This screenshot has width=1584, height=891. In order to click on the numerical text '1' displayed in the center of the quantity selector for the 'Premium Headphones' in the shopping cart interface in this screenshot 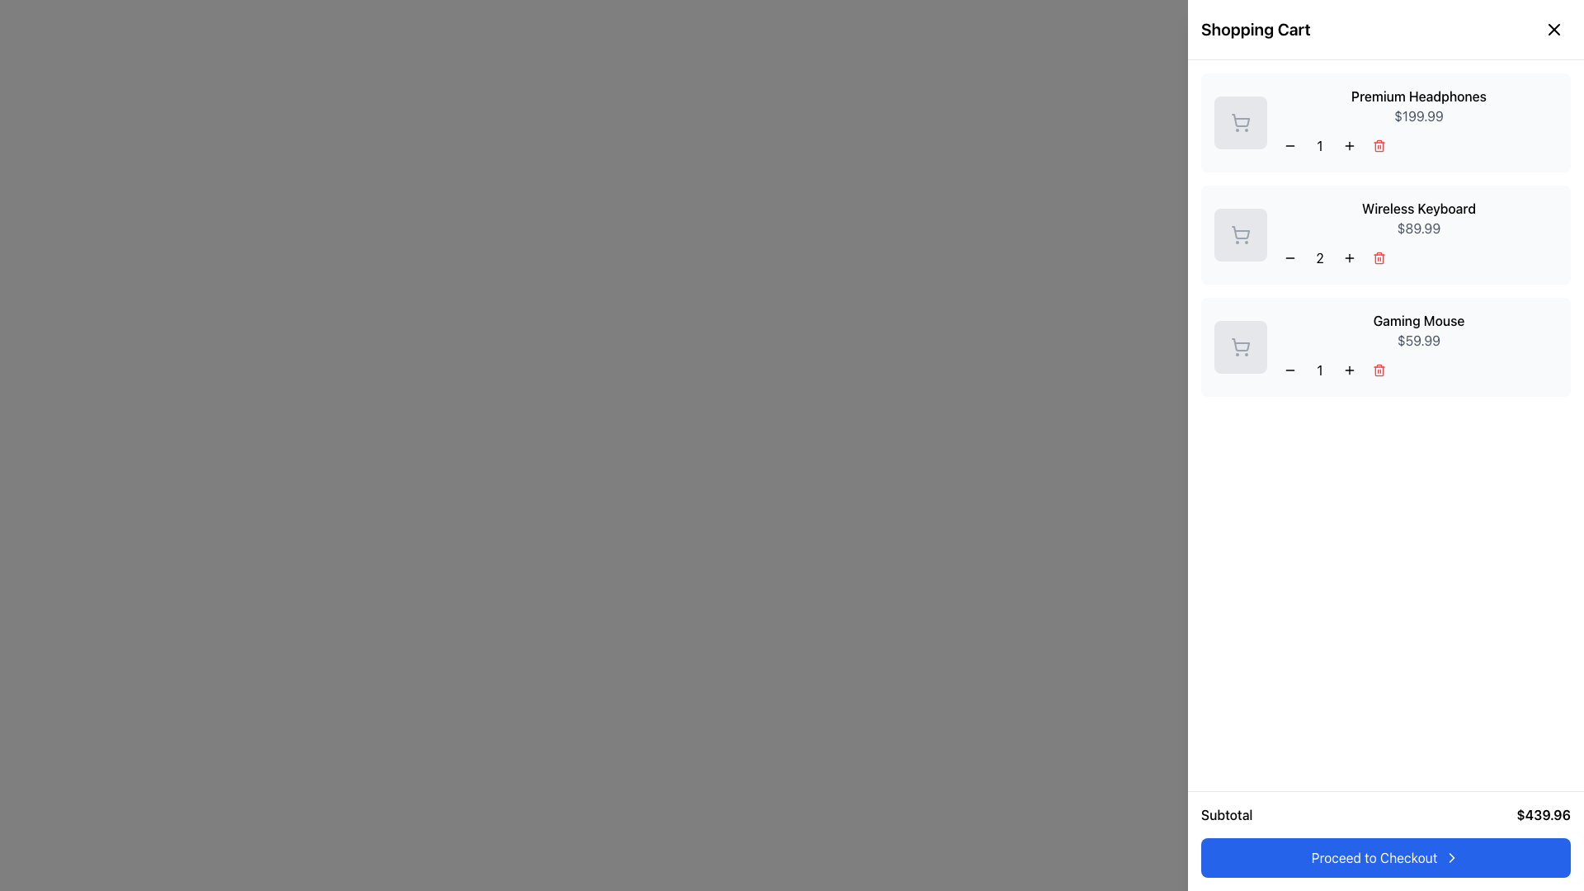, I will do `click(1318, 145)`.